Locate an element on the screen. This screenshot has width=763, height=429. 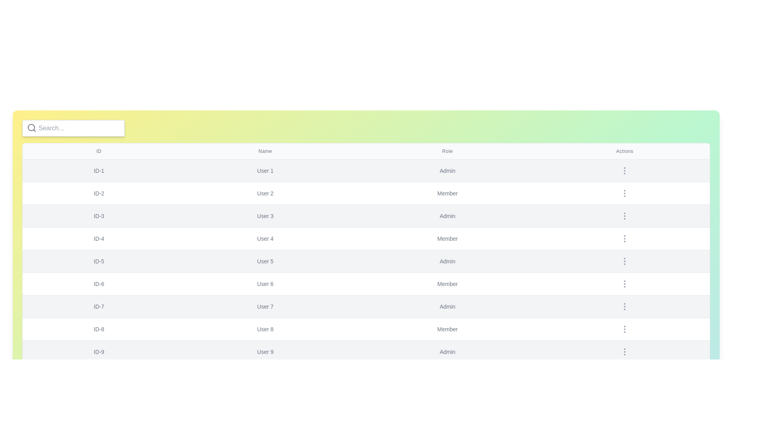
the table header Role to sort the table is located at coordinates (447, 151).